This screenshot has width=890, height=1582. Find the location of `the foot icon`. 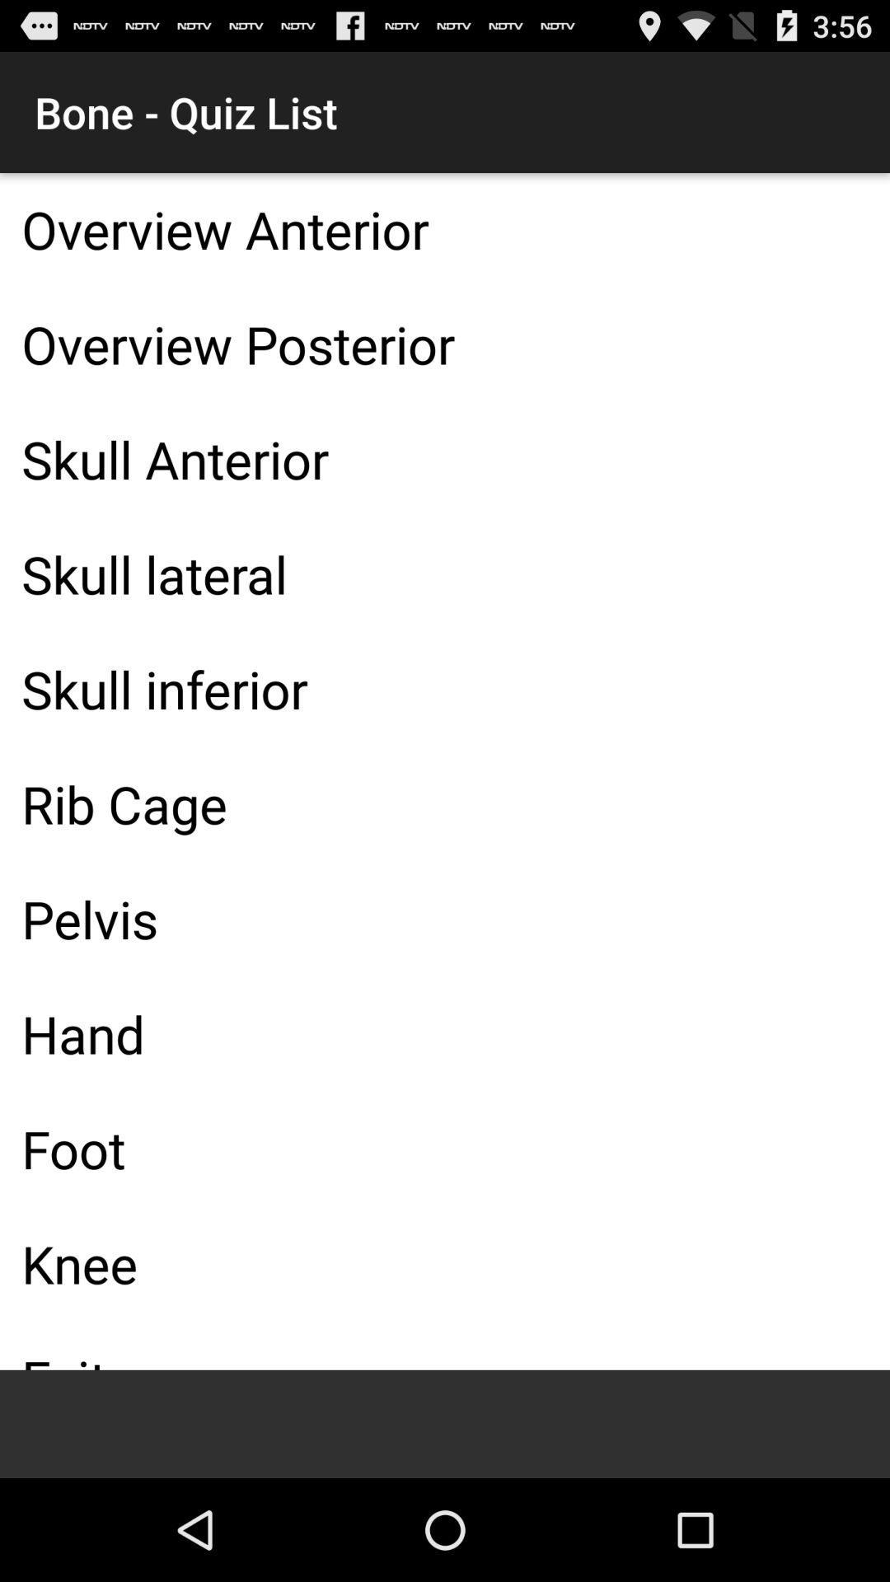

the foot icon is located at coordinates (445, 1148).